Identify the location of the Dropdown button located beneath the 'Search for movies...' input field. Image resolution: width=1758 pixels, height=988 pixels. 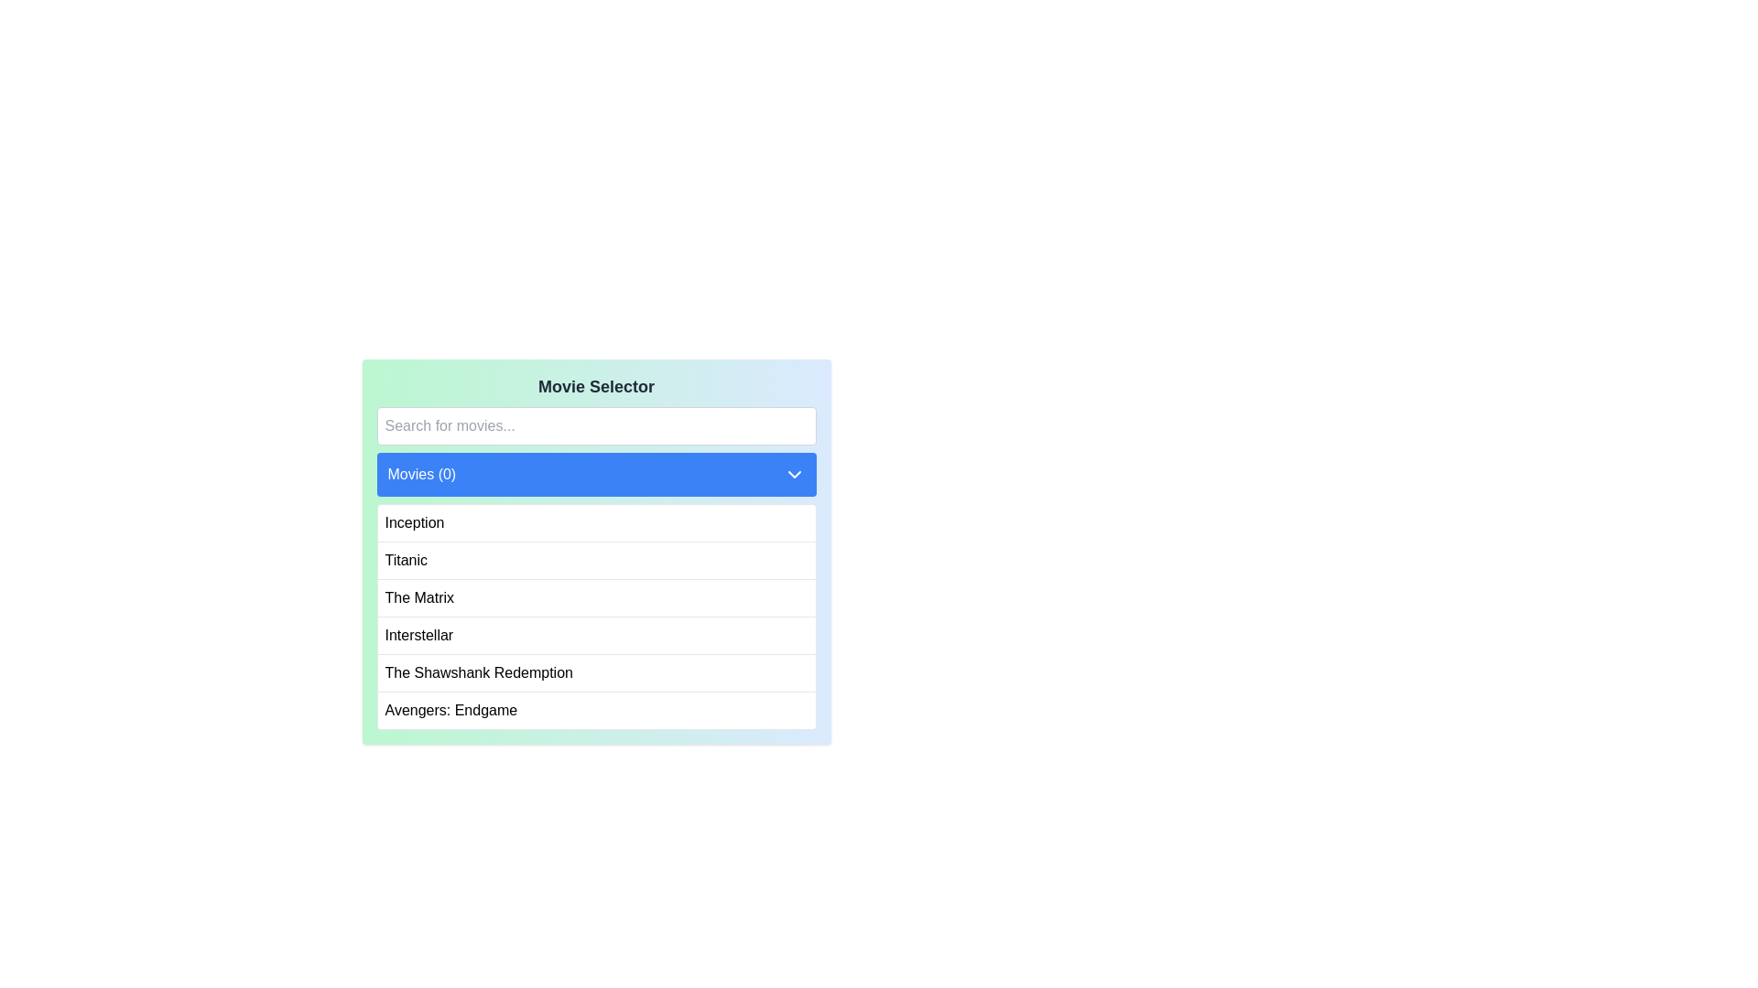
(596, 474).